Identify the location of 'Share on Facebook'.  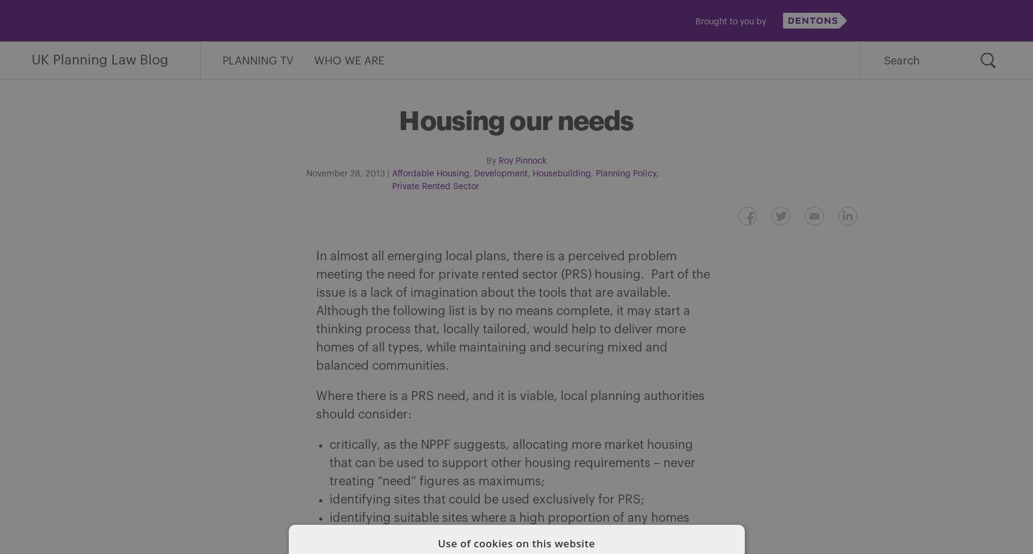
(442, 216).